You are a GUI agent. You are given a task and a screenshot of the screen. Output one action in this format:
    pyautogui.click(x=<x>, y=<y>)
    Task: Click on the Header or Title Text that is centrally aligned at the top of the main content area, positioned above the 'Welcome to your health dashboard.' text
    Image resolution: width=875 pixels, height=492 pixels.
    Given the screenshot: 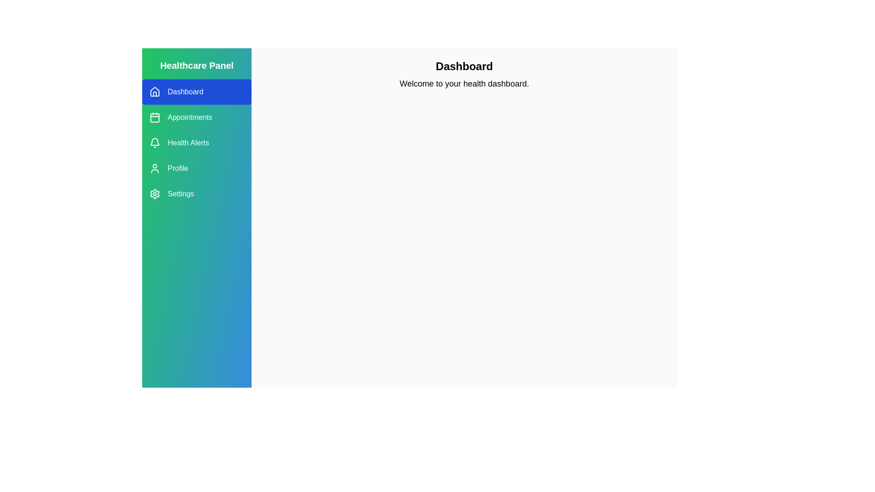 What is the action you would take?
    pyautogui.click(x=464, y=66)
    